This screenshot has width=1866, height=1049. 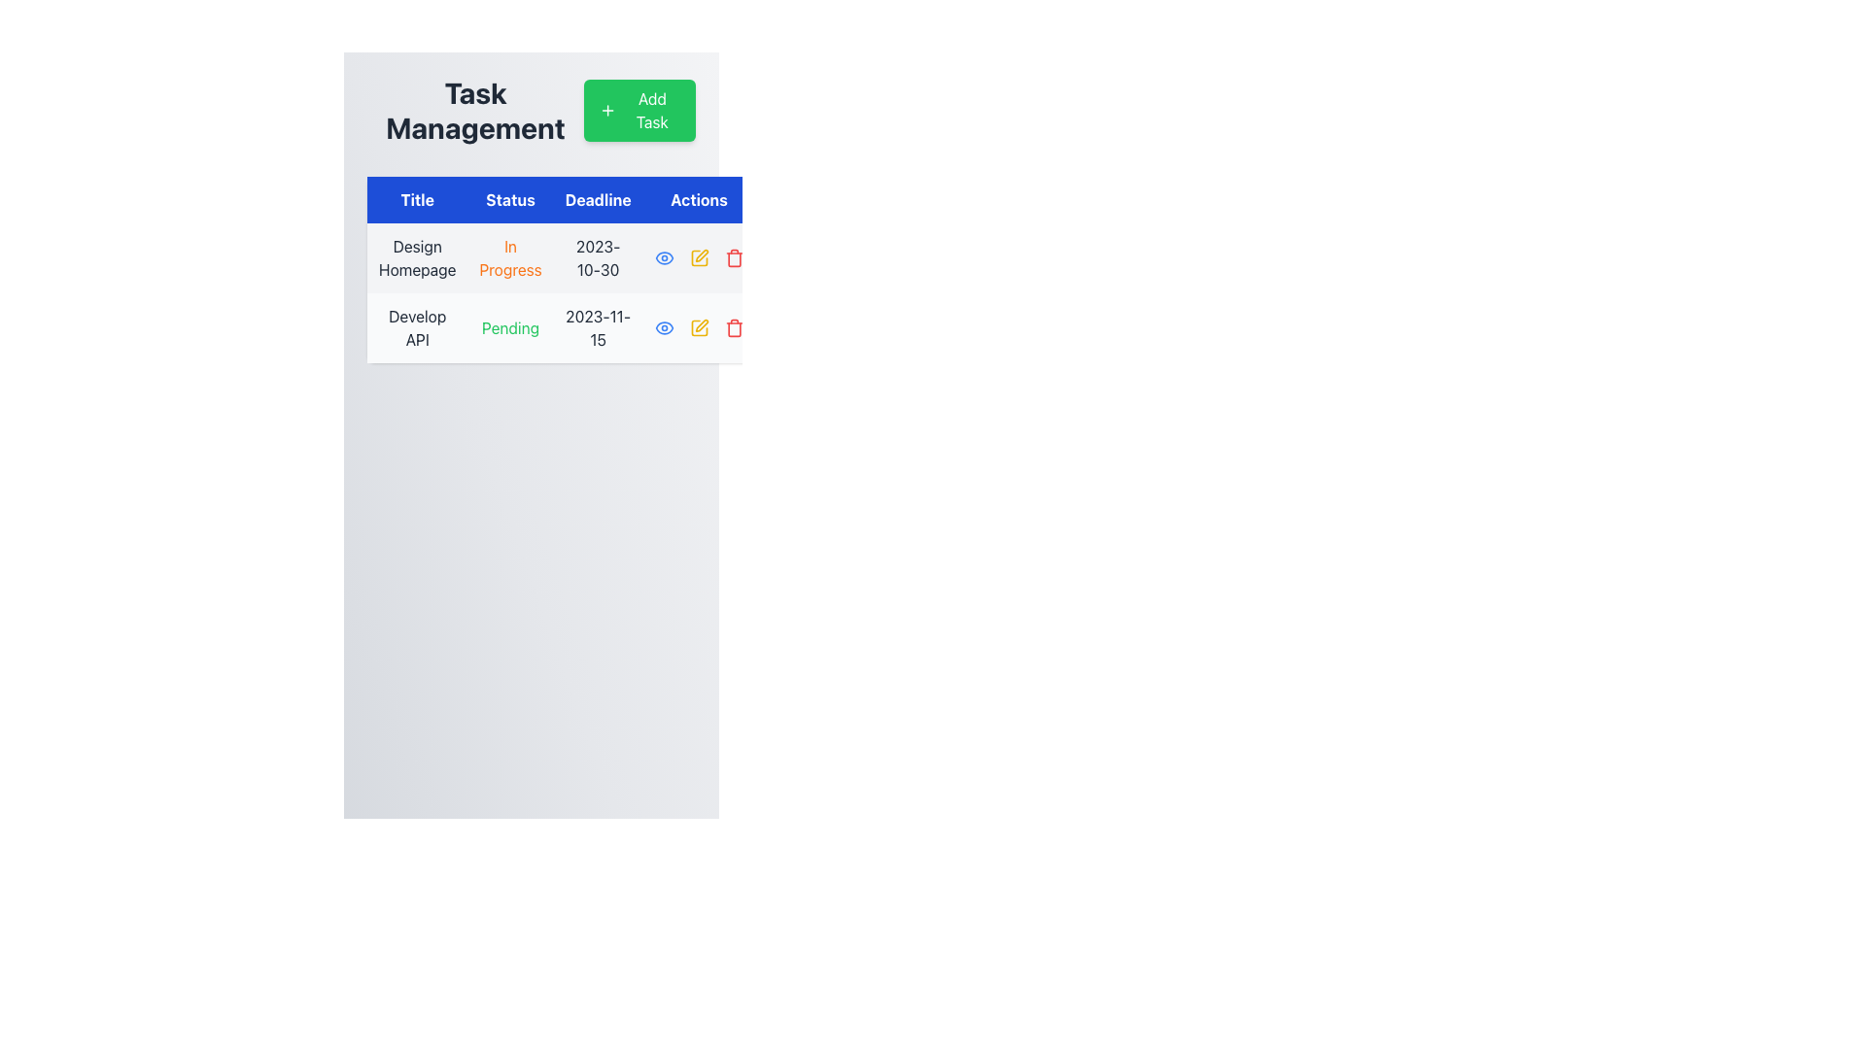 I want to click on the edit button located in the 'Actions' column of the first row of the table, so click(x=699, y=257).